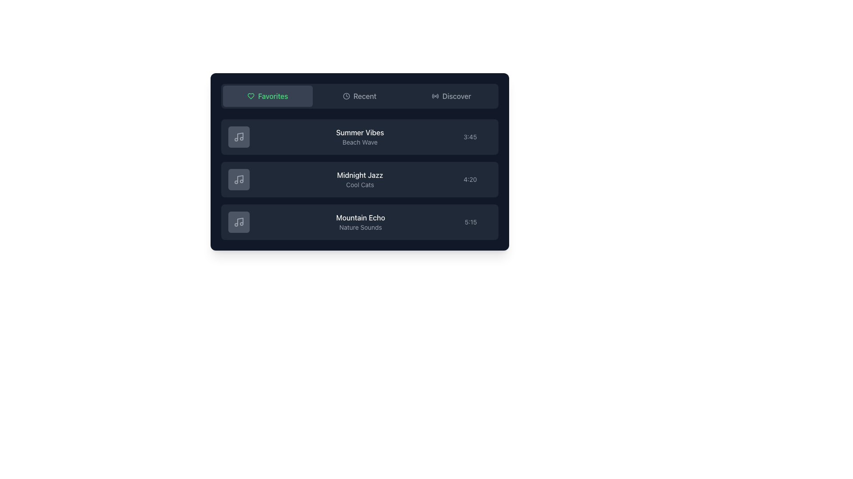  Describe the element at coordinates (360, 141) in the screenshot. I see `text content of the subtitle text label located below the 'Summer Vibes' text element in the first list entry of the vertically stacked list interface` at that location.